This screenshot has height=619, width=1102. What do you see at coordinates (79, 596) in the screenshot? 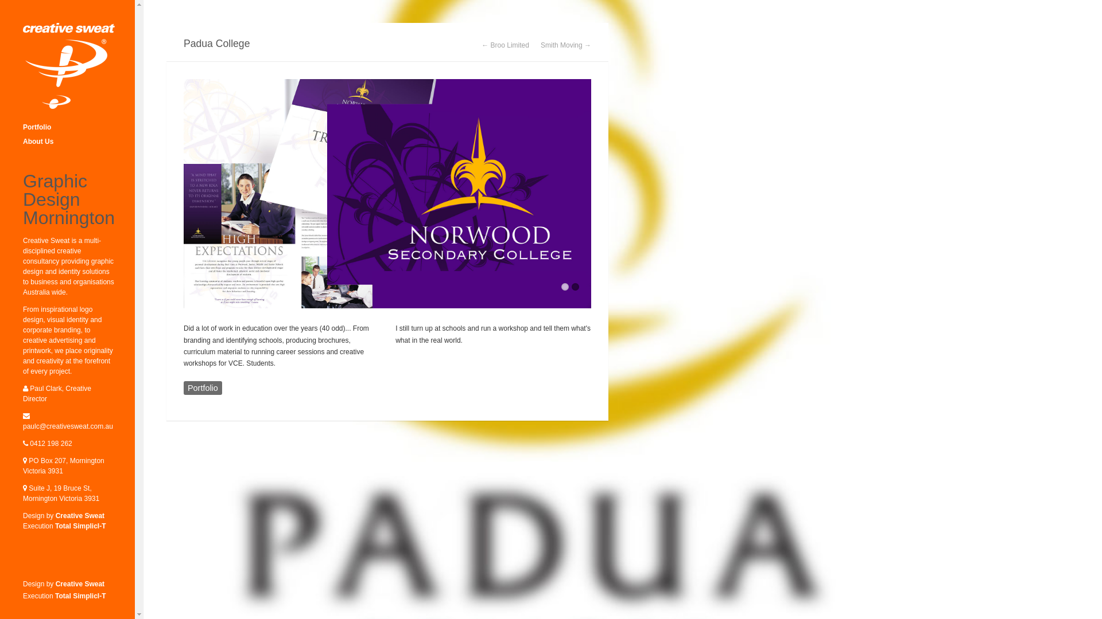
I see `'Total SimplicI-T'` at bounding box center [79, 596].